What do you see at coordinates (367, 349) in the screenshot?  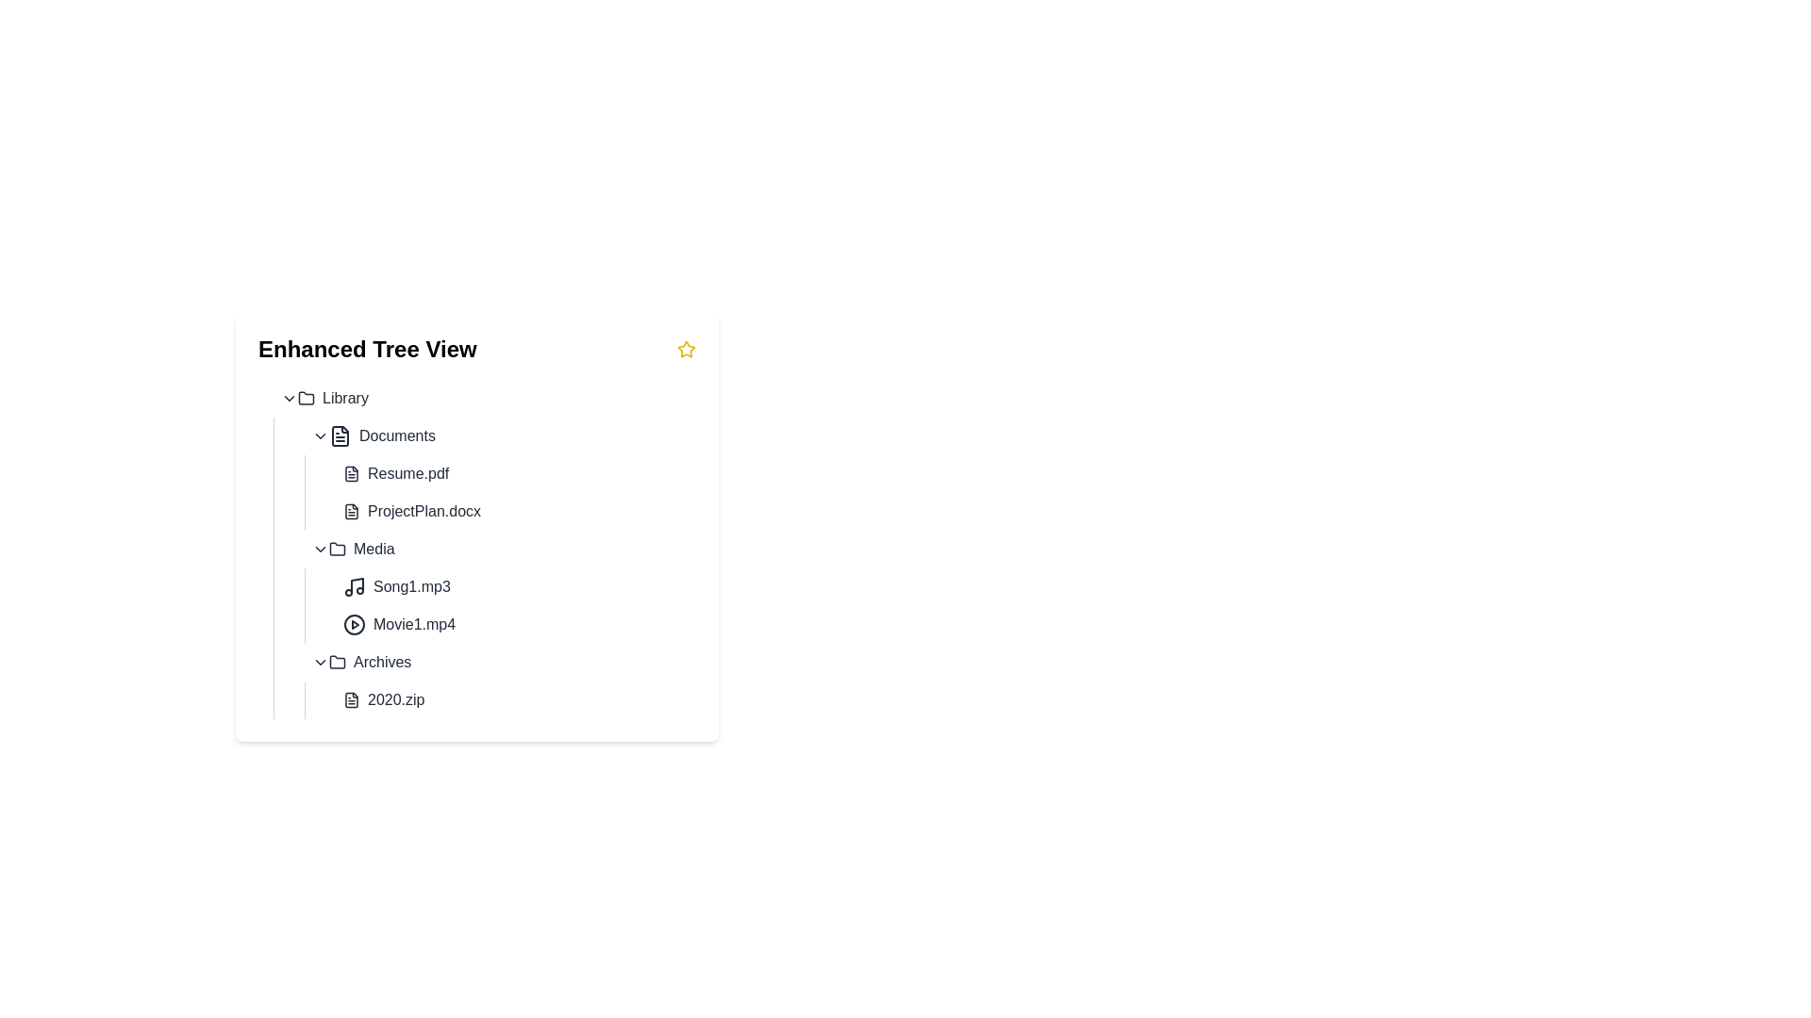 I see `the 'Enhanced Tree View' header, which is a bold and larger text element located at the top of its section, aligning vertically with the section it titles` at bounding box center [367, 349].